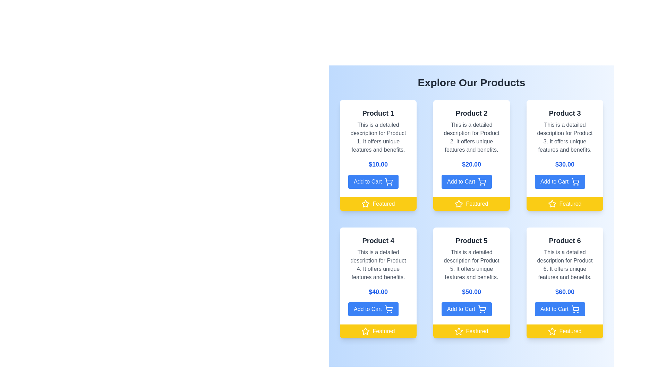 This screenshot has width=666, height=374. What do you see at coordinates (471, 240) in the screenshot?
I see `the Text label that serves as a heading for the product name, located centrally in the second row of the grid layout within the card` at bounding box center [471, 240].